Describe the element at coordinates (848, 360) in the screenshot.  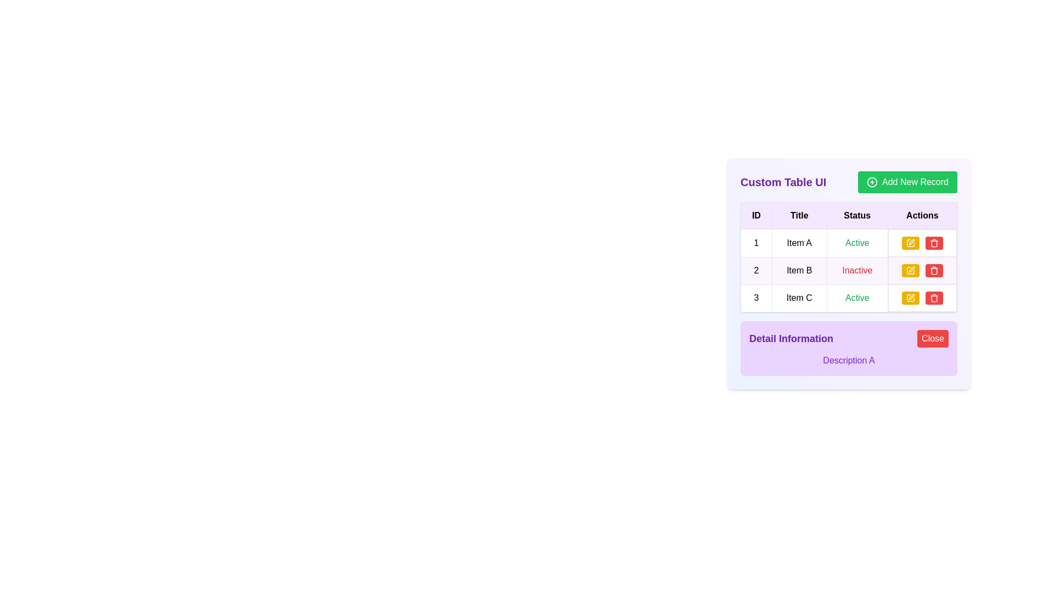
I see `the text label displaying 'Description A' located in the 'Detail Information' section below the heading and 'Close' button` at that location.